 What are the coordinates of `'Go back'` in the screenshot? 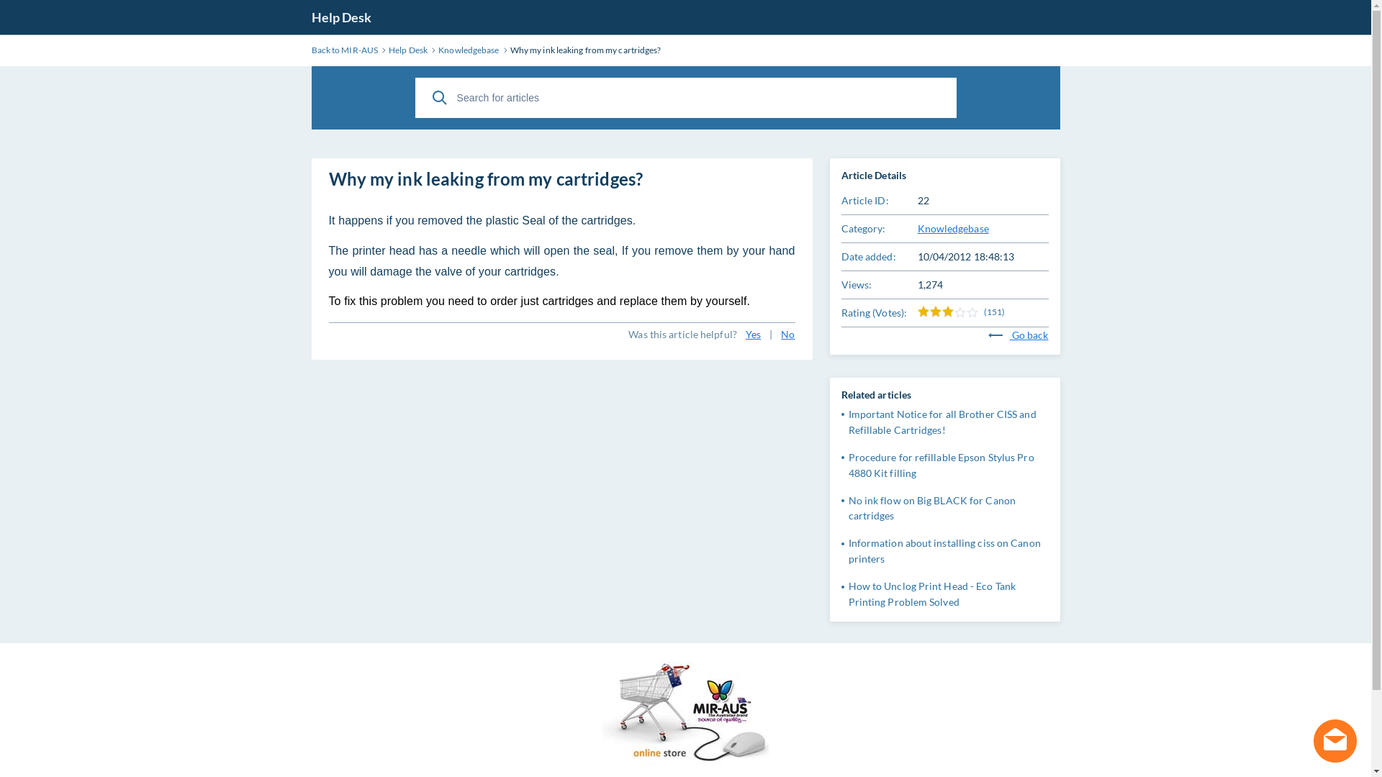 It's located at (1018, 335).